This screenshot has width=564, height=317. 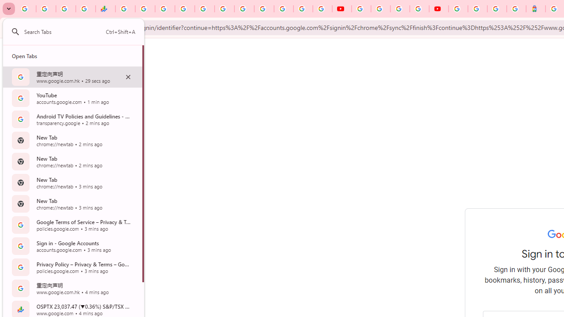 I want to click on 'AutomationID: baseSvg', so click(x=15, y=31).